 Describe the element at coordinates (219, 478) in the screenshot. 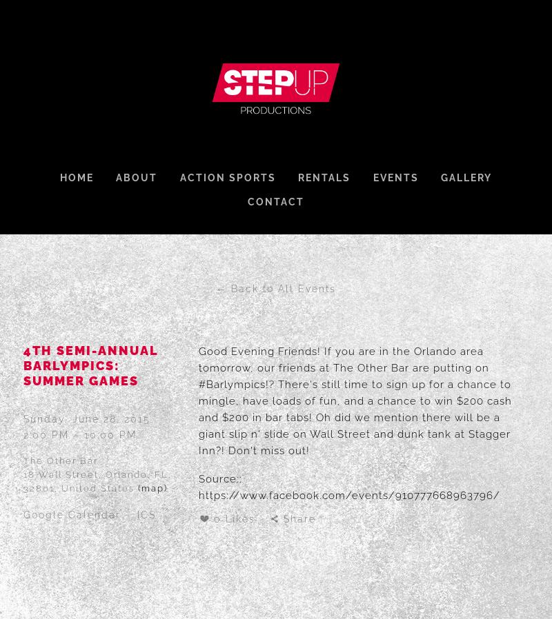

I see `'Source::'` at that location.